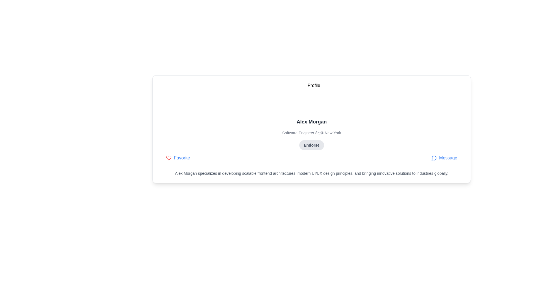 Image resolution: width=535 pixels, height=301 pixels. Describe the element at coordinates (448, 158) in the screenshot. I see `the text label located in the bottom-right corner of the profile card interface, which serves as a visual cue for initiating messaging functionality` at that location.